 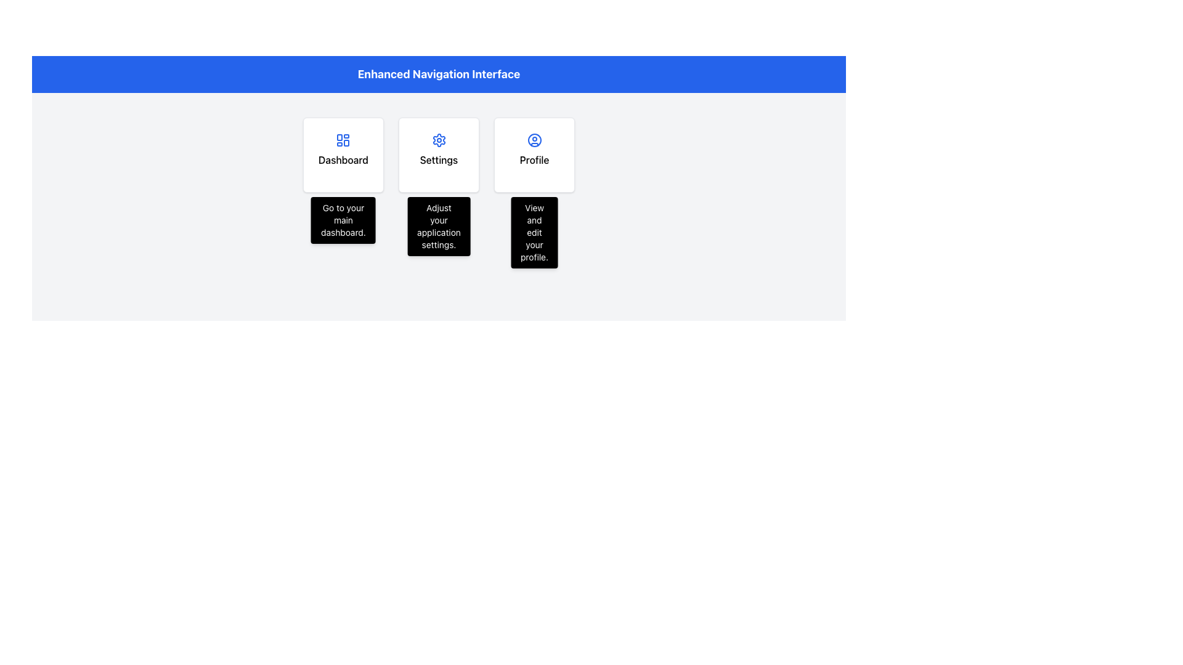 What do you see at coordinates (439, 154) in the screenshot?
I see `the 'Settings' button, which features a blue gear icon and is located centrally between 'Dashboard' and 'Profile' under the blue header bar labeled 'Enhanced Navigation Interface'` at bounding box center [439, 154].